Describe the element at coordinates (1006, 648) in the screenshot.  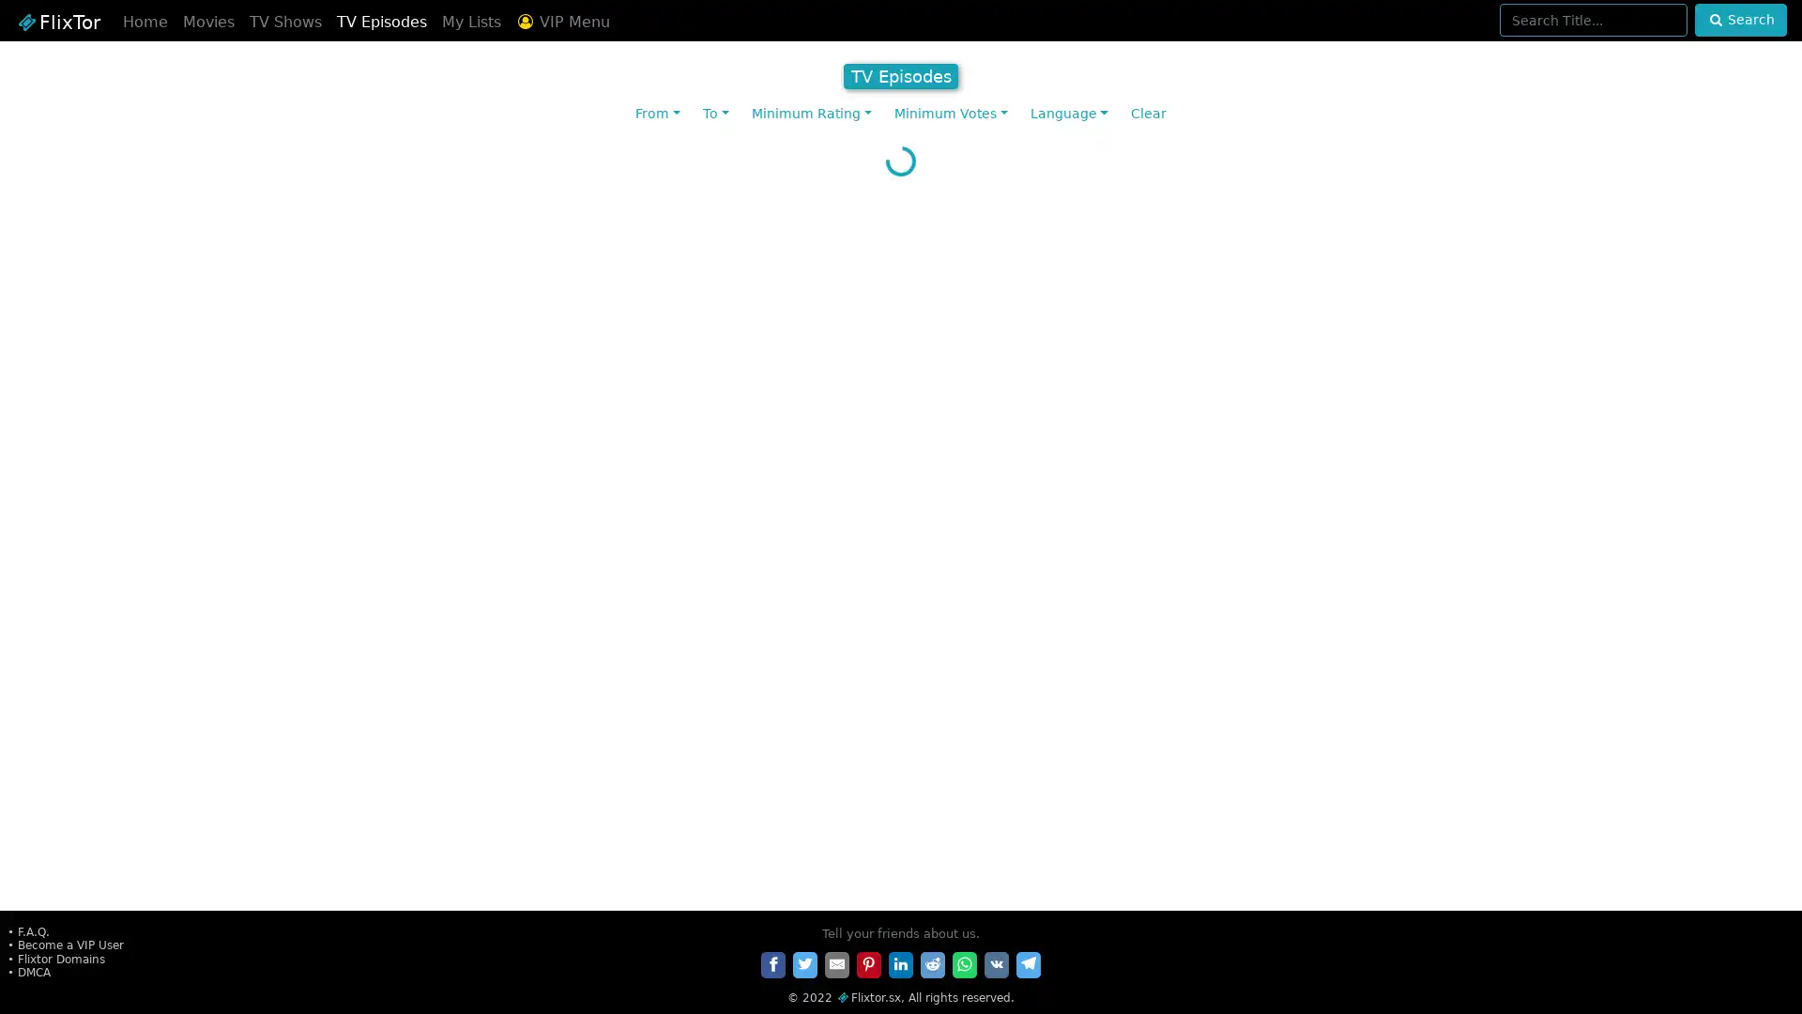
I see `Watch Now` at that location.